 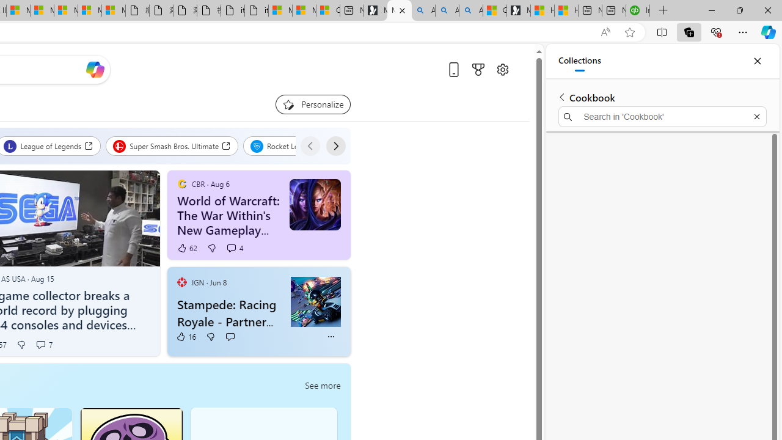 What do you see at coordinates (565, 10) in the screenshot?
I see `'How to Use a TV as a Computer Monitor'` at bounding box center [565, 10].